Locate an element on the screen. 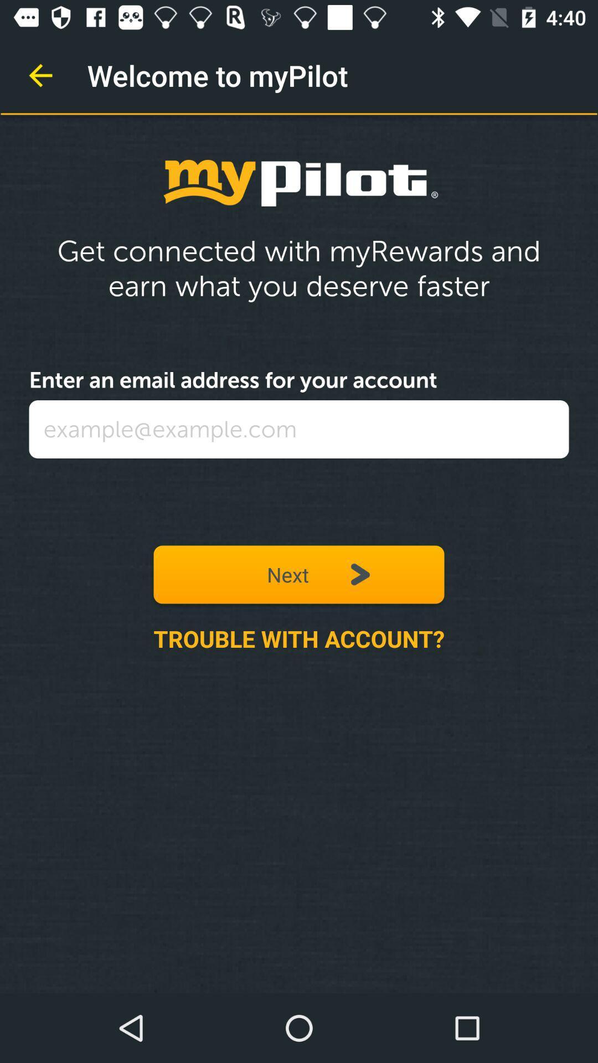 This screenshot has width=598, height=1063. icon next to welcome to mypilot is located at coordinates (40, 75).